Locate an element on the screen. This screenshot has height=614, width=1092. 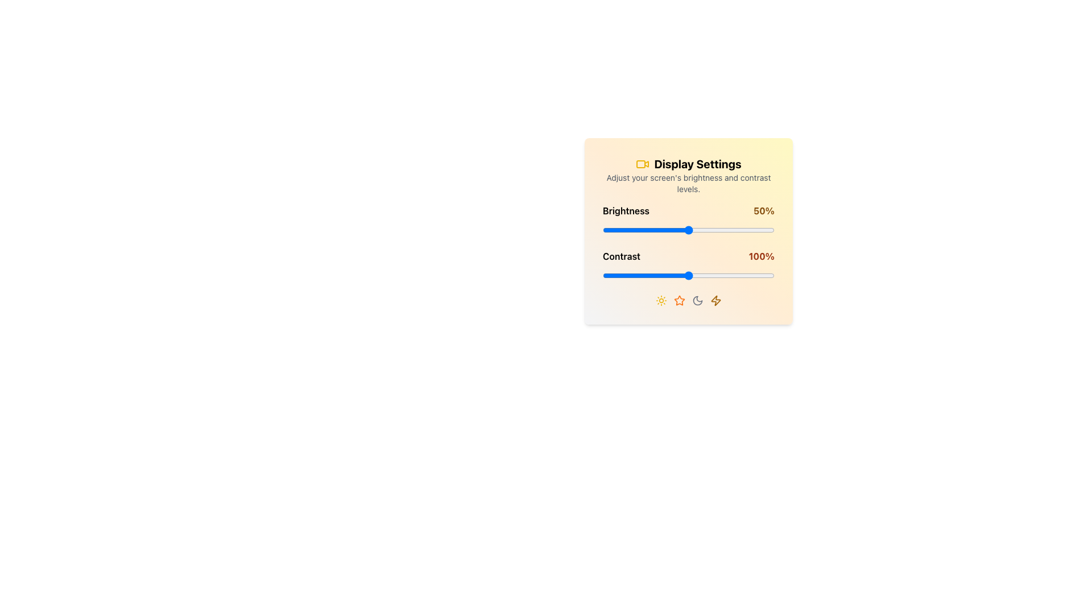
the lightning-bolt-shaped icon in yellow-gold color located at the bottom-right corner of the settings panel is located at coordinates (715, 300).